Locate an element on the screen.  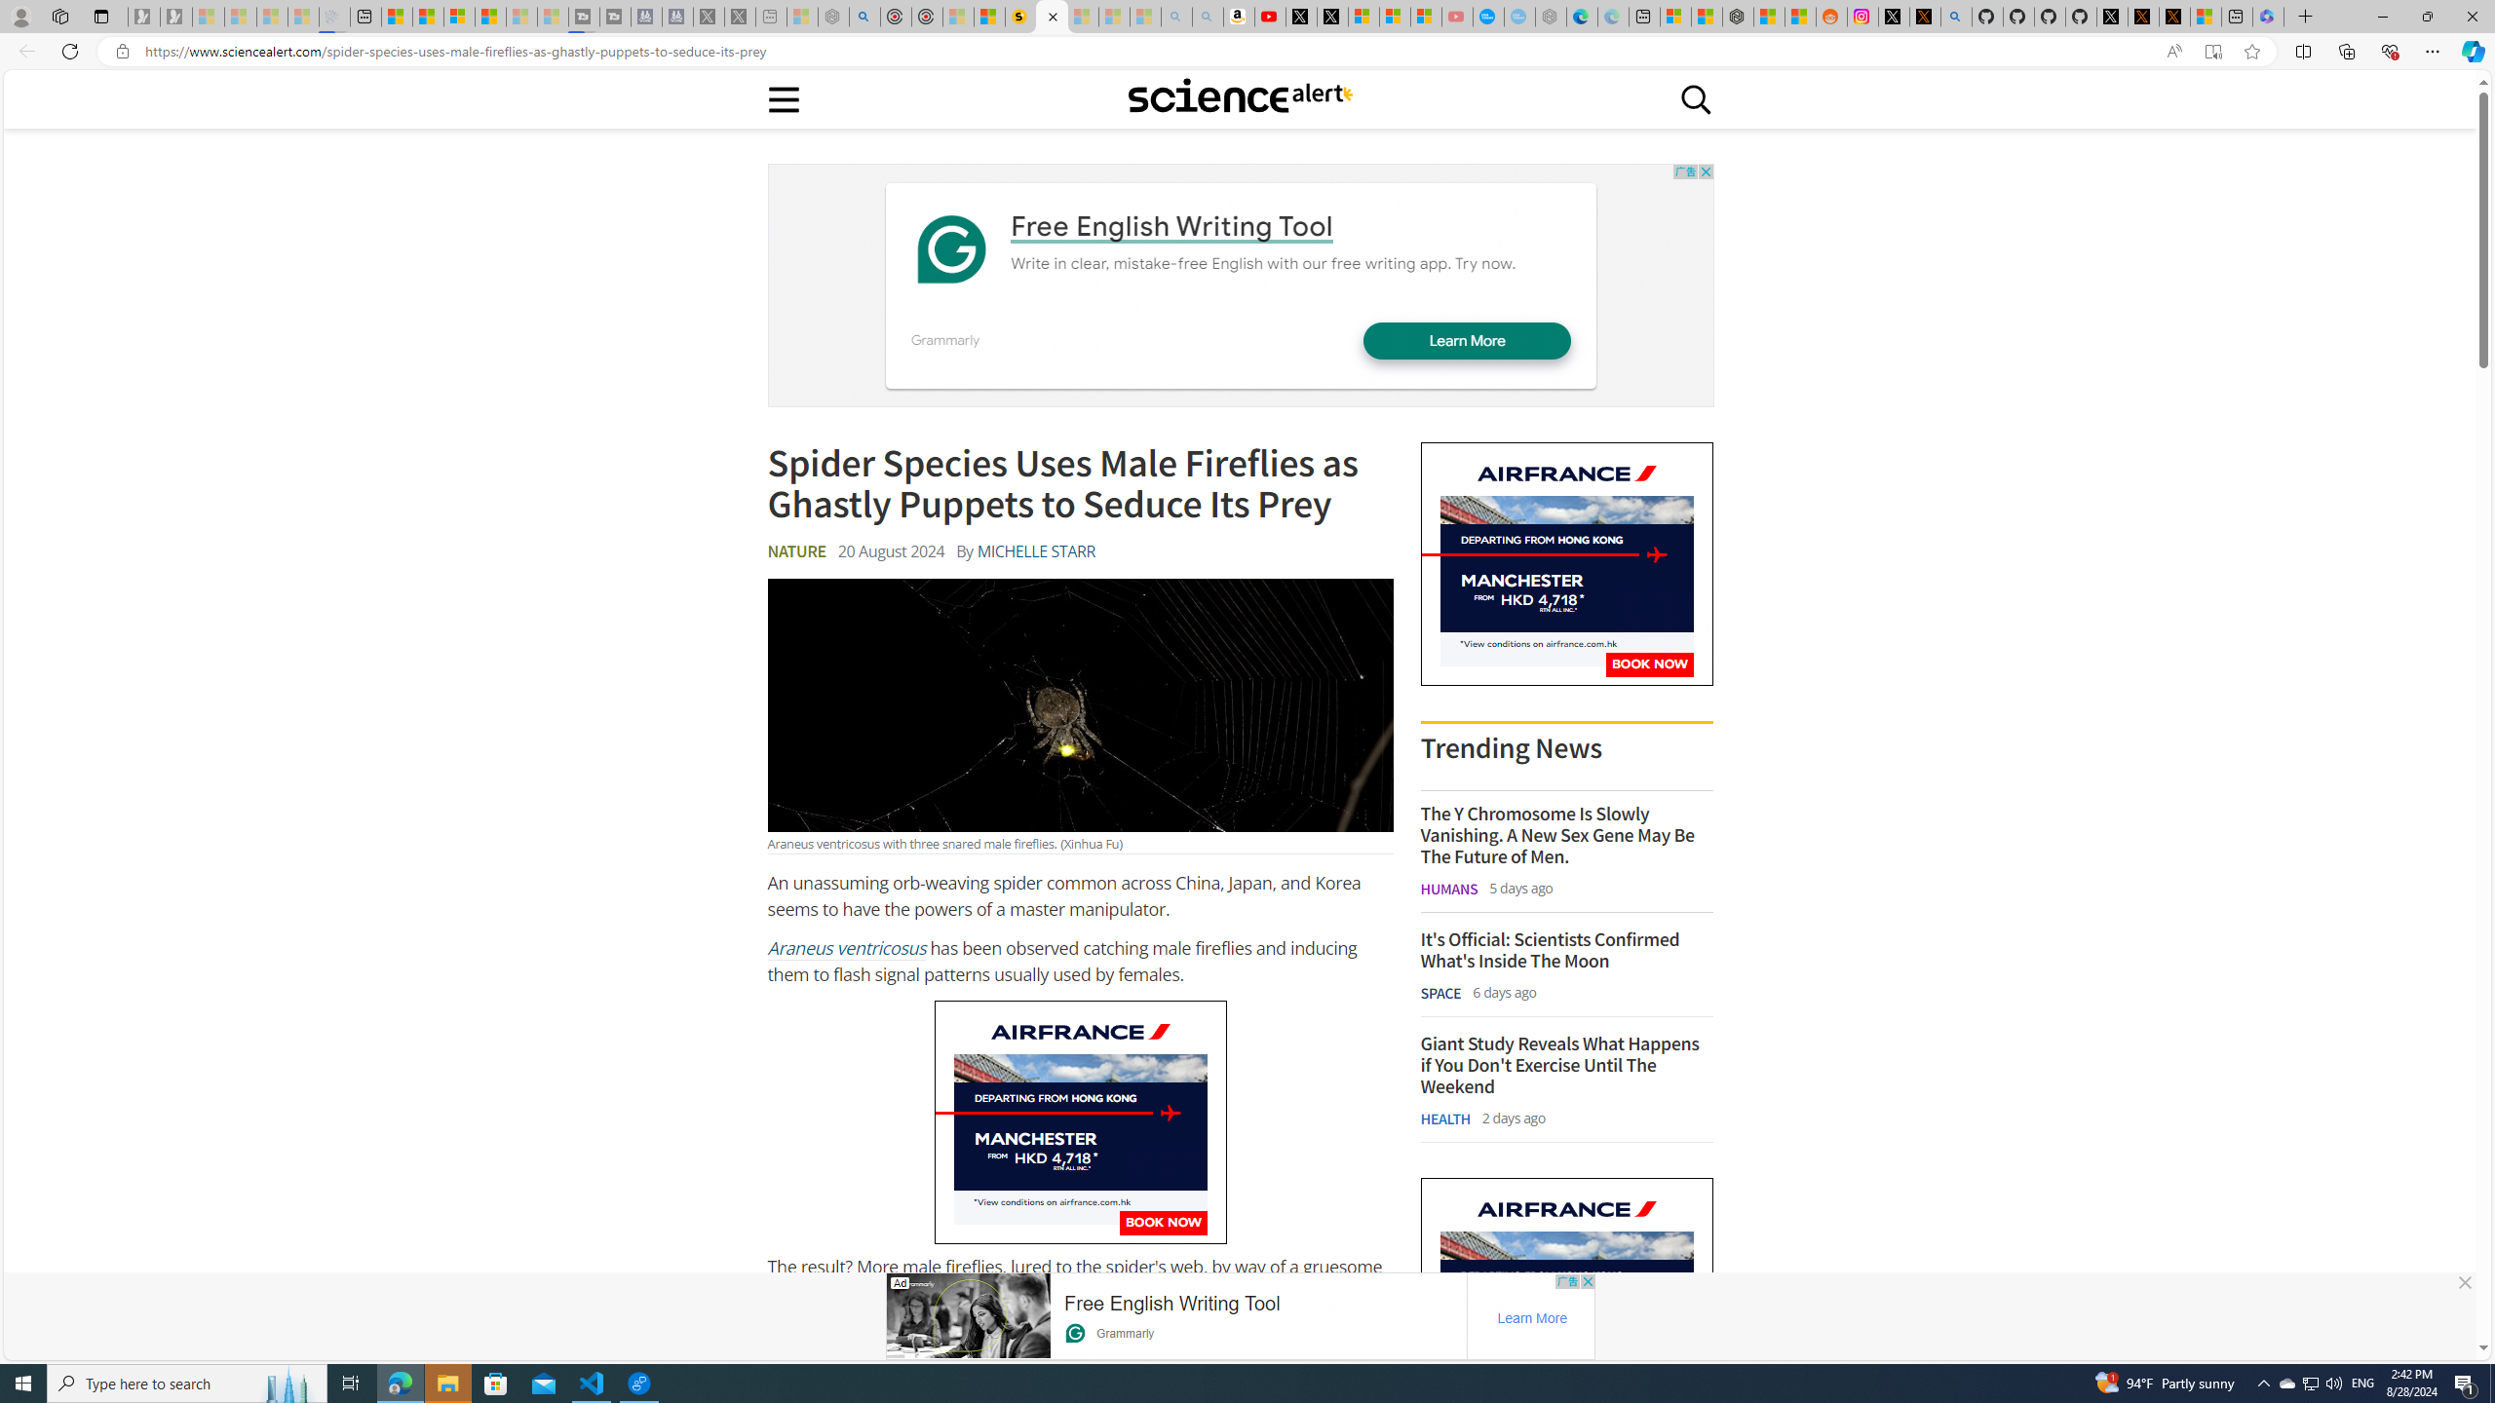
'Wildlife - MSN - Sleeping' is located at coordinates (802, 16).